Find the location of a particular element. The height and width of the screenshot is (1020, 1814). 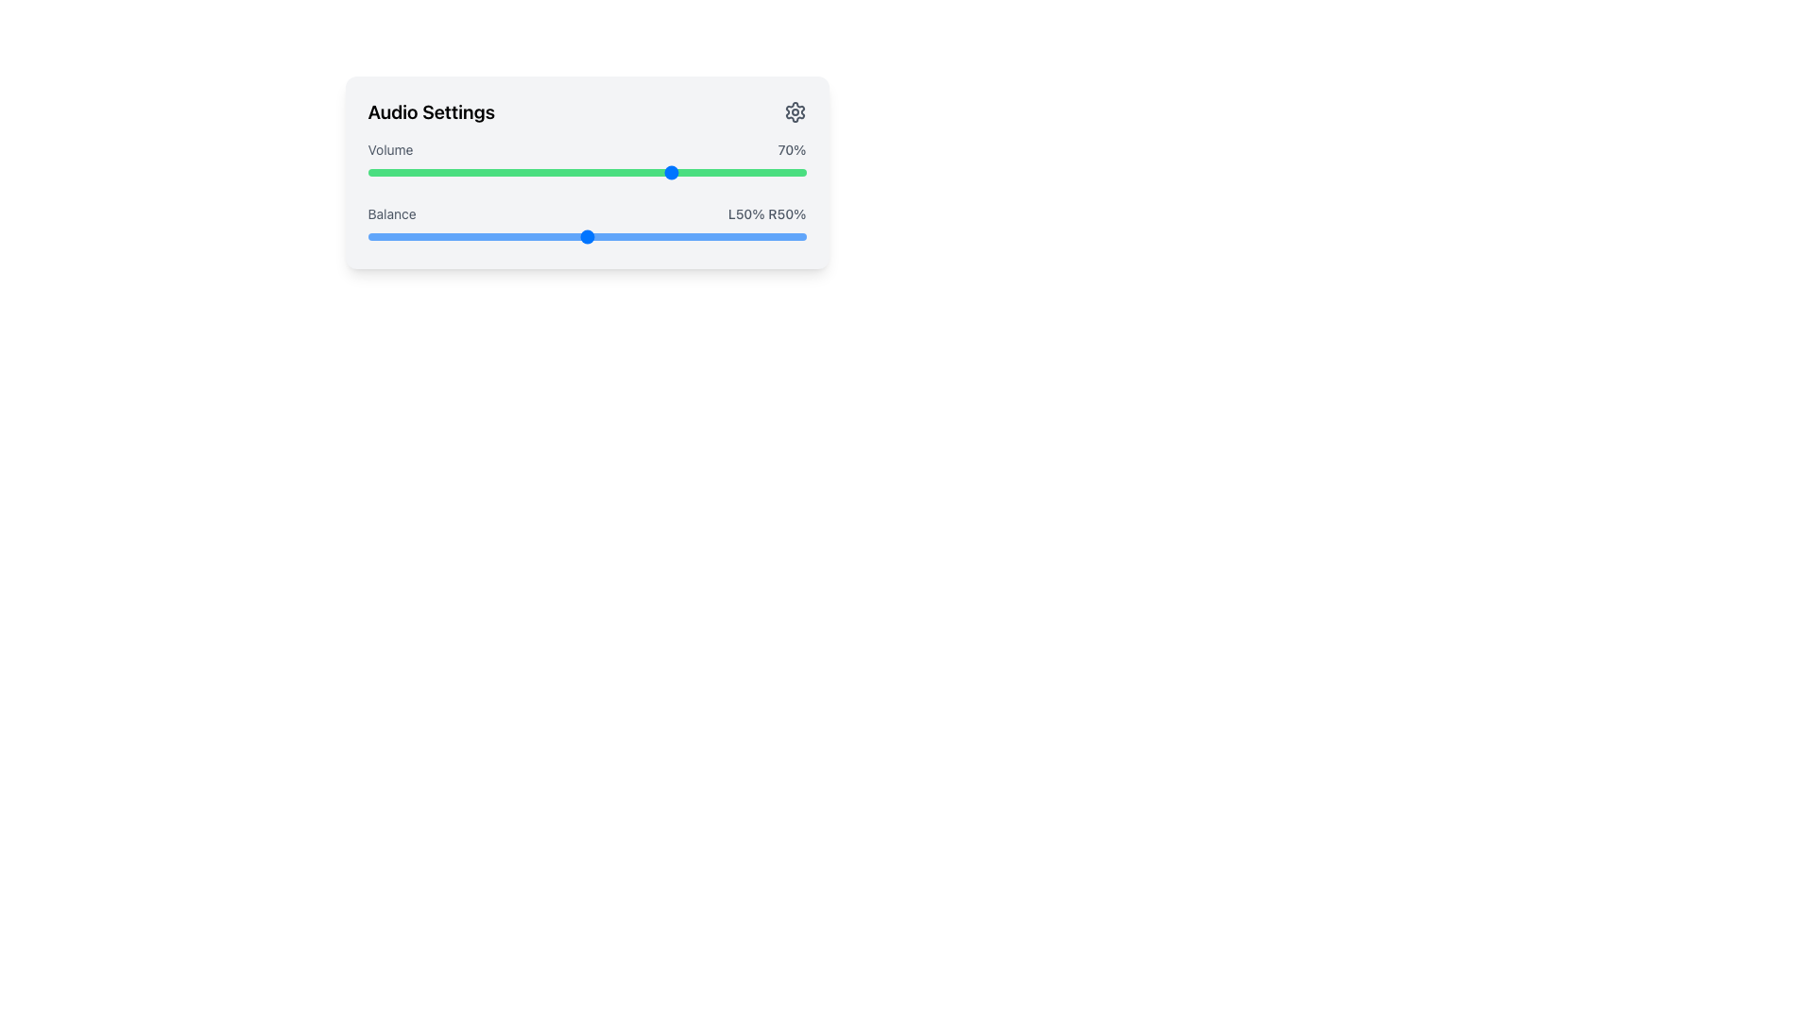

the gear icon button located in the top-right corner of the 'Audio Settings' card, adjacent to the 'Volume' and 'Balance' controls is located at coordinates (795, 112).